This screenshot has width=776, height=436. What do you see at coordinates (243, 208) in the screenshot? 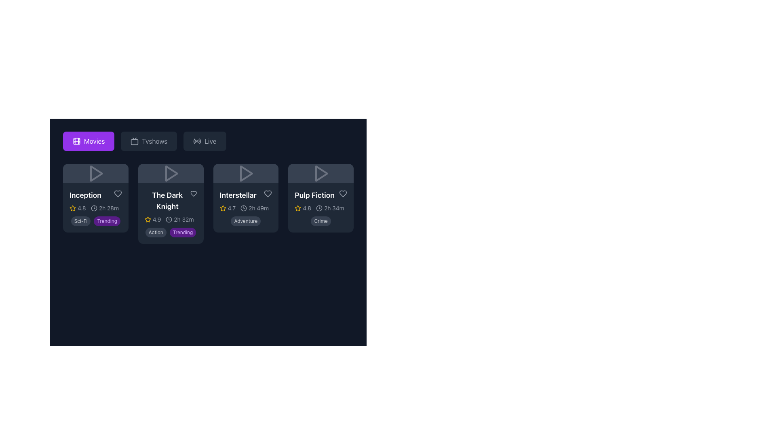
I see `the SVG Circle Element that represents the circular outline of the clock icon for the 'Interstellar' movie in the information panel of the third movie card` at bounding box center [243, 208].